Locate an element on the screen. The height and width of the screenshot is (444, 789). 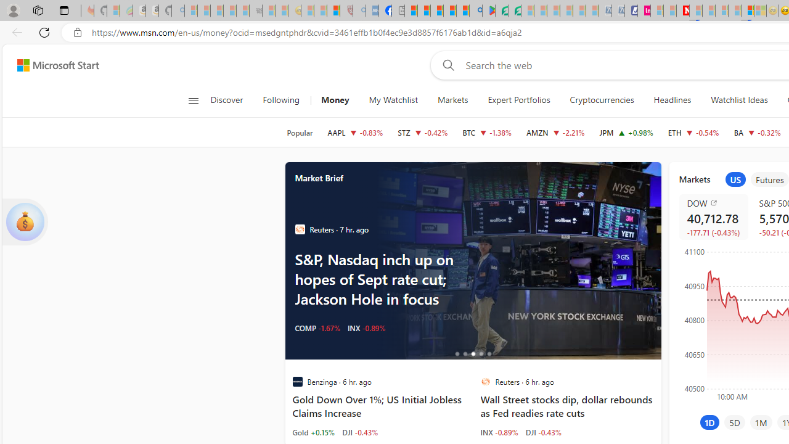
'Popular' is located at coordinates (300, 133).